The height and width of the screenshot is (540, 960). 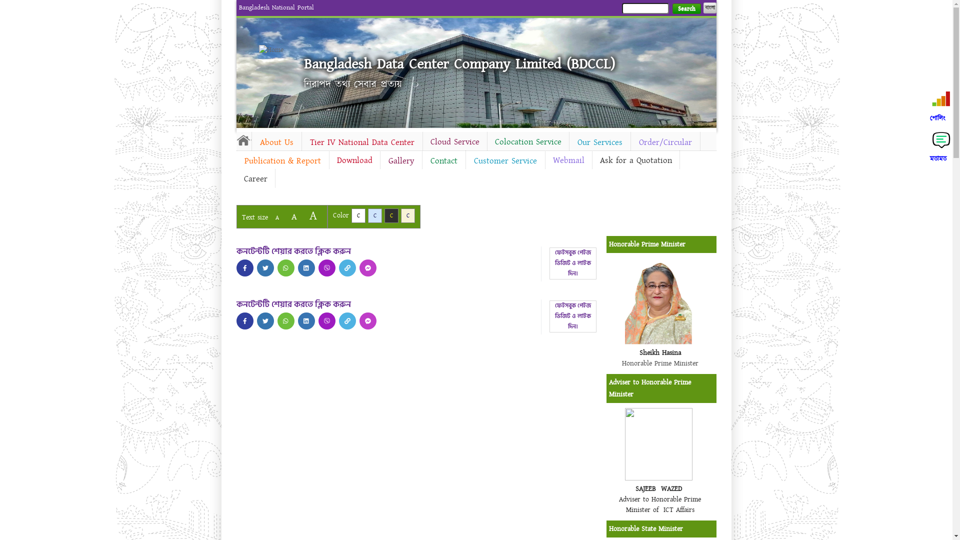 What do you see at coordinates (303, 63) in the screenshot?
I see `'Bangladesh Data Center Company Limited (BDCCL)'` at bounding box center [303, 63].